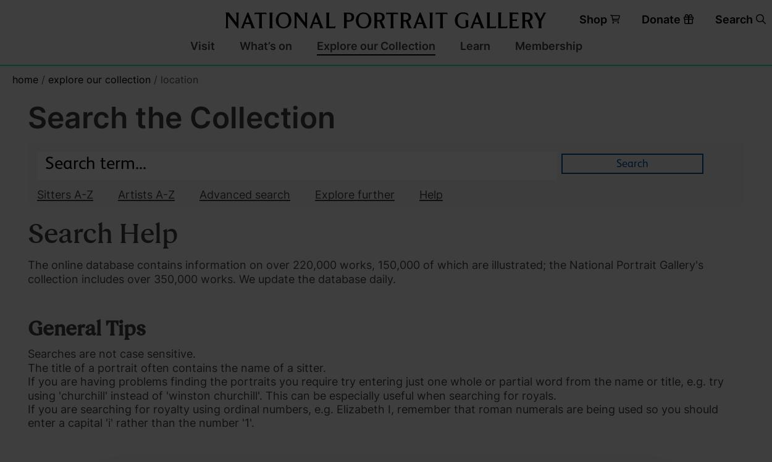 This screenshot has width=772, height=462. What do you see at coordinates (265, 44) in the screenshot?
I see `'What’s on'` at bounding box center [265, 44].